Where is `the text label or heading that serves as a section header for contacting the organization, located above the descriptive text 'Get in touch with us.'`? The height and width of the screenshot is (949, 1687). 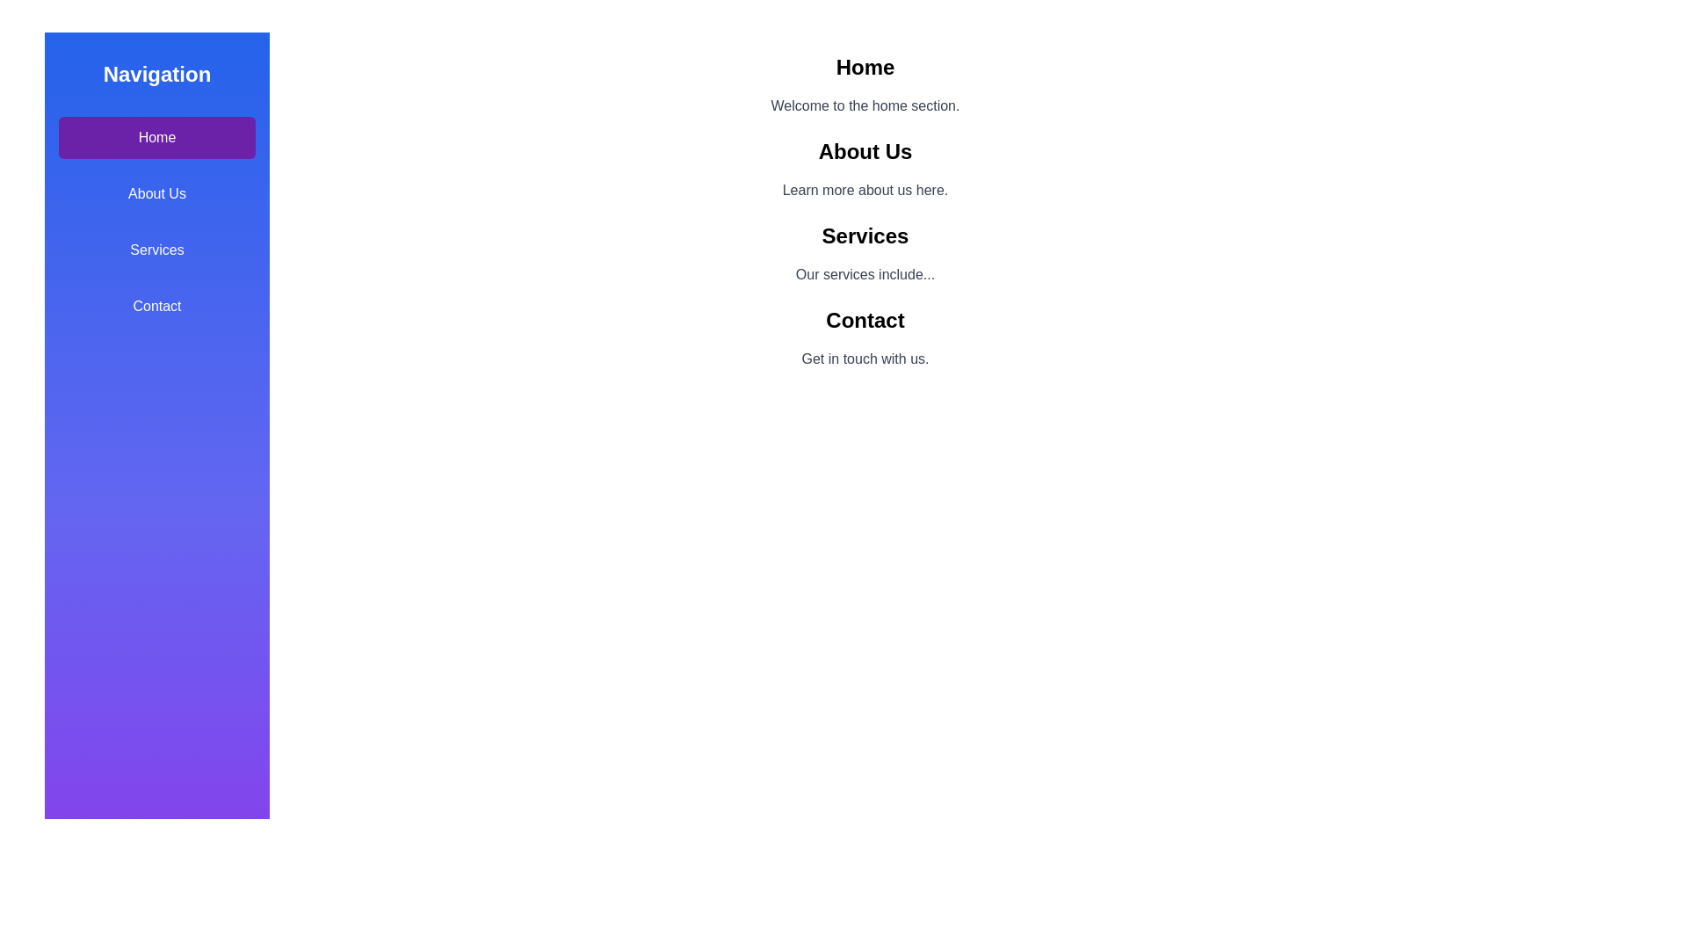 the text label or heading that serves as a section header for contacting the organization, located above the descriptive text 'Get in touch with us.' is located at coordinates (865, 321).